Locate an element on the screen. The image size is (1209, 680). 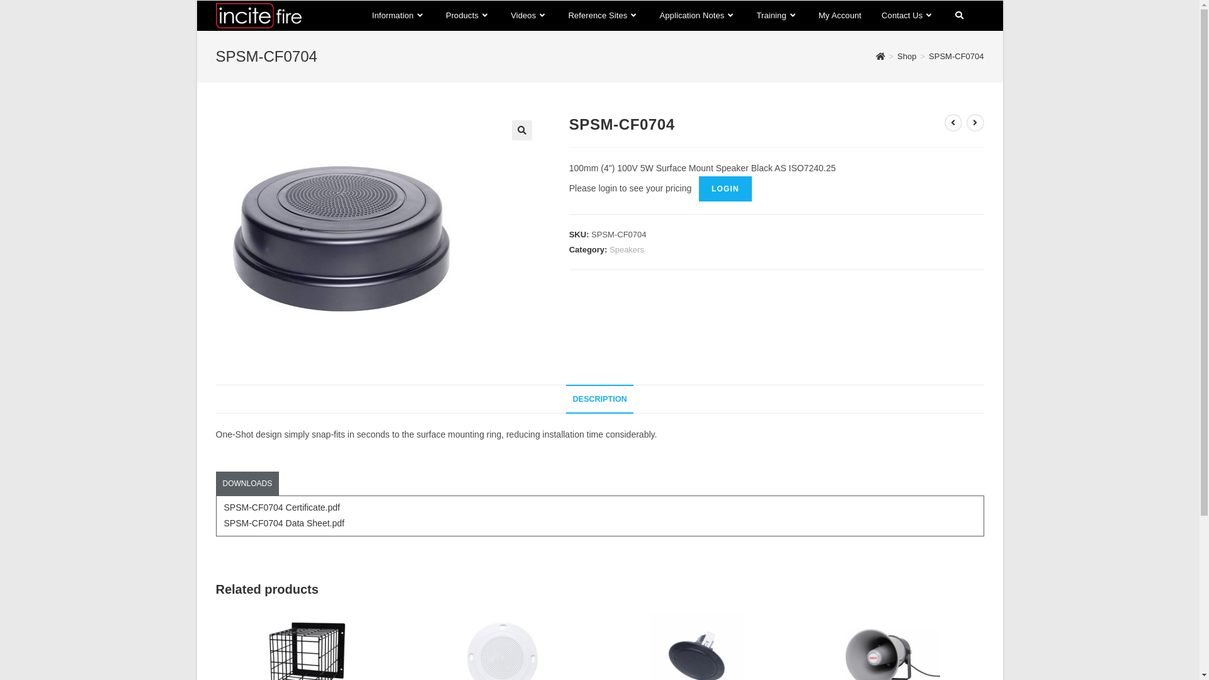
'Products' is located at coordinates (467, 15).